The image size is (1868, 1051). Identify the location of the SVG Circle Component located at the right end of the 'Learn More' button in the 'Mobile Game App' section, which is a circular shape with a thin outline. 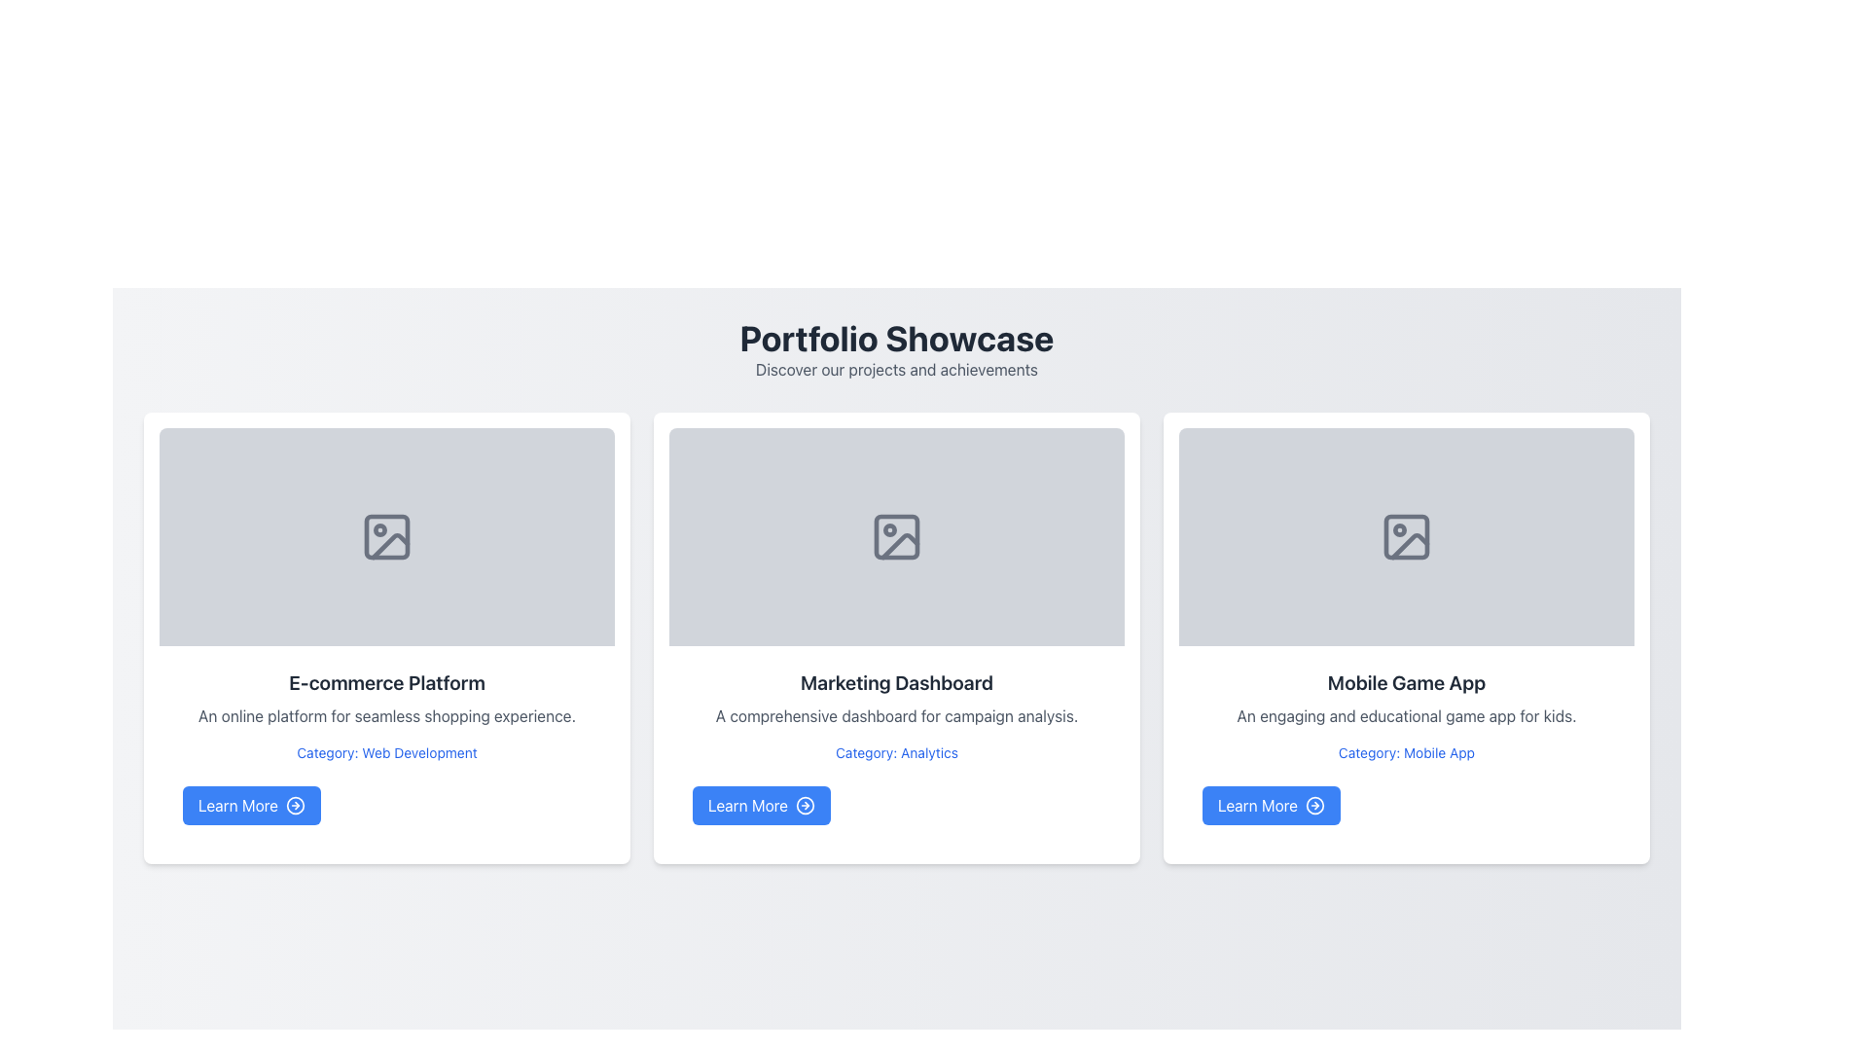
(1315, 806).